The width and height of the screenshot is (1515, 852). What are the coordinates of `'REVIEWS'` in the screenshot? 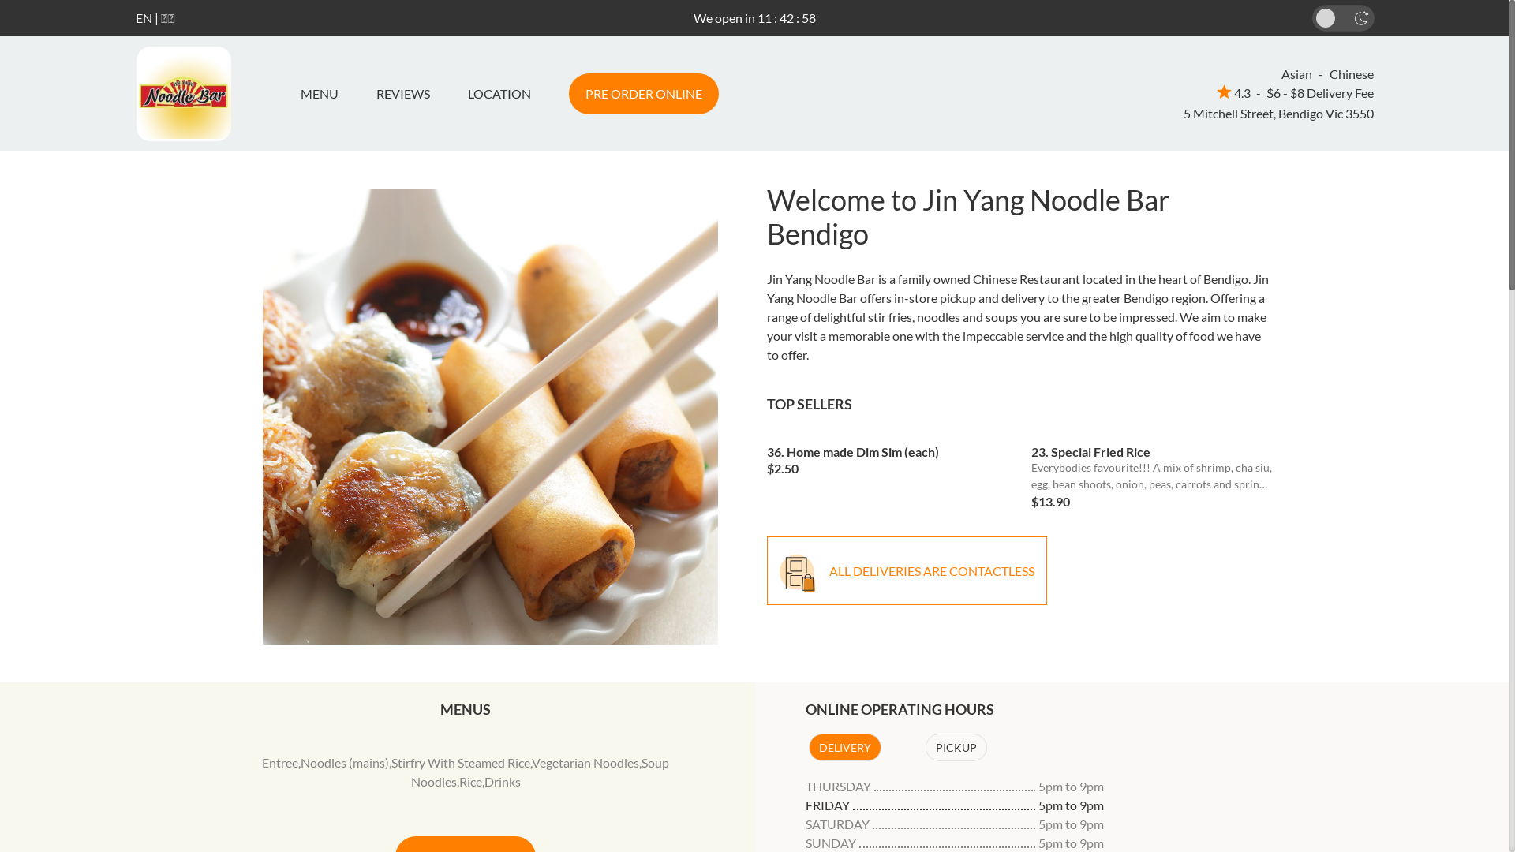 It's located at (355, 94).